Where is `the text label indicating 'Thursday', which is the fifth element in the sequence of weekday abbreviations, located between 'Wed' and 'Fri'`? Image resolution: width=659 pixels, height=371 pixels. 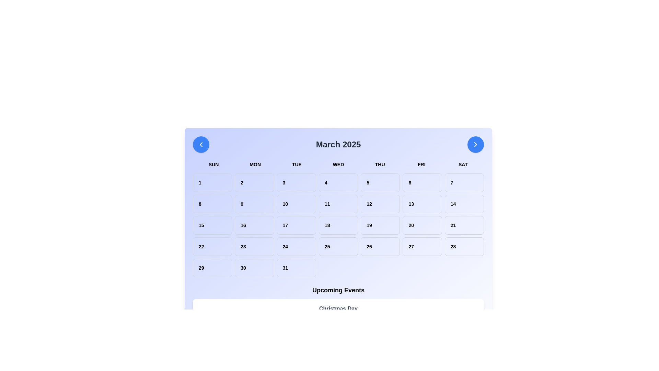
the text label indicating 'Thursday', which is the fifth element in the sequence of weekday abbreviations, located between 'Wed' and 'Fri' is located at coordinates (380, 164).